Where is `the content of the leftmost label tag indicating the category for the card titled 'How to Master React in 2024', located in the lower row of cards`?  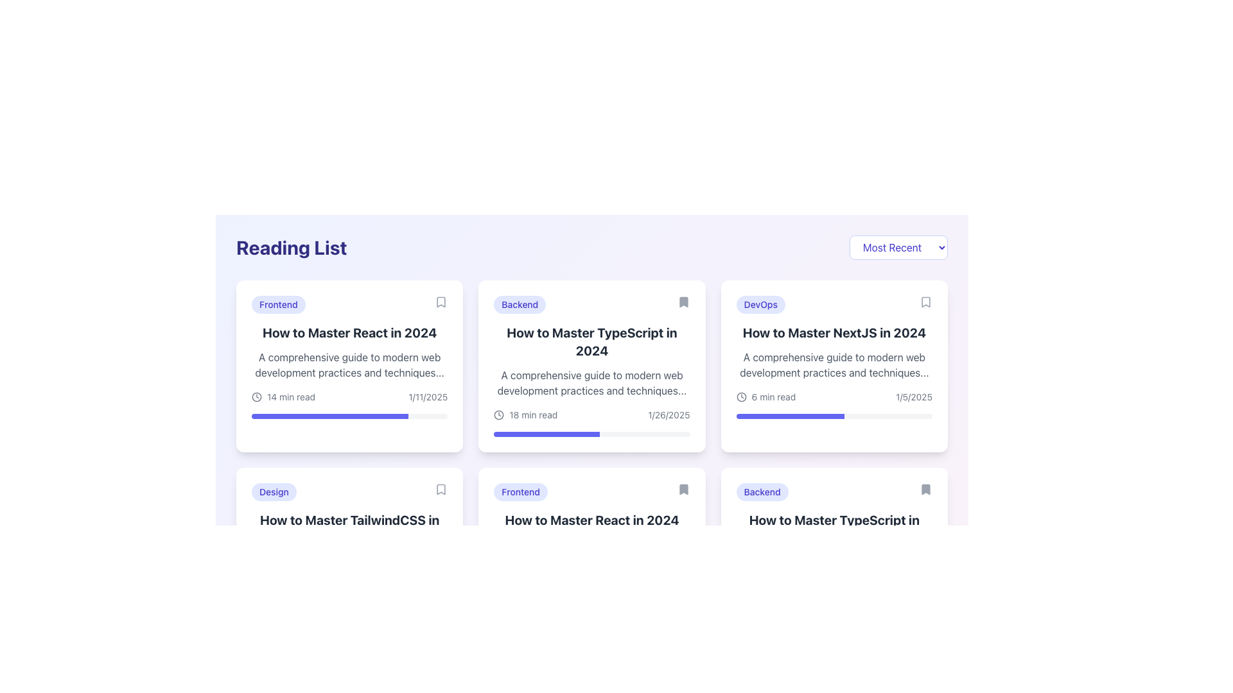 the content of the leftmost label tag indicating the category for the card titled 'How to Master React in 2024', located in the lower row of cards is located at coordinates (521, 492).